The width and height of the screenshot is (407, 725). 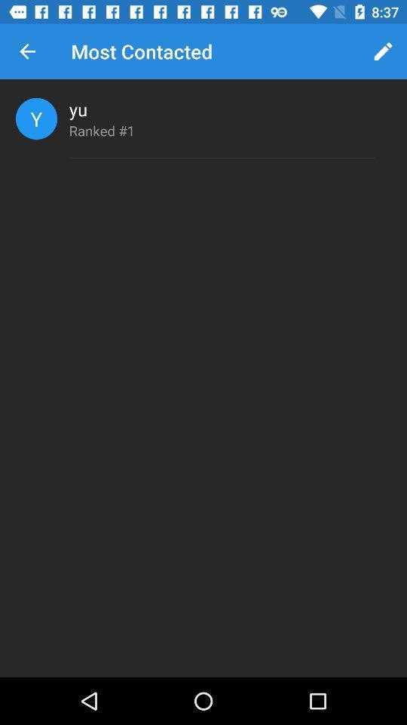 I want to click on icon below the most contacted, so click(x=78, y=108).